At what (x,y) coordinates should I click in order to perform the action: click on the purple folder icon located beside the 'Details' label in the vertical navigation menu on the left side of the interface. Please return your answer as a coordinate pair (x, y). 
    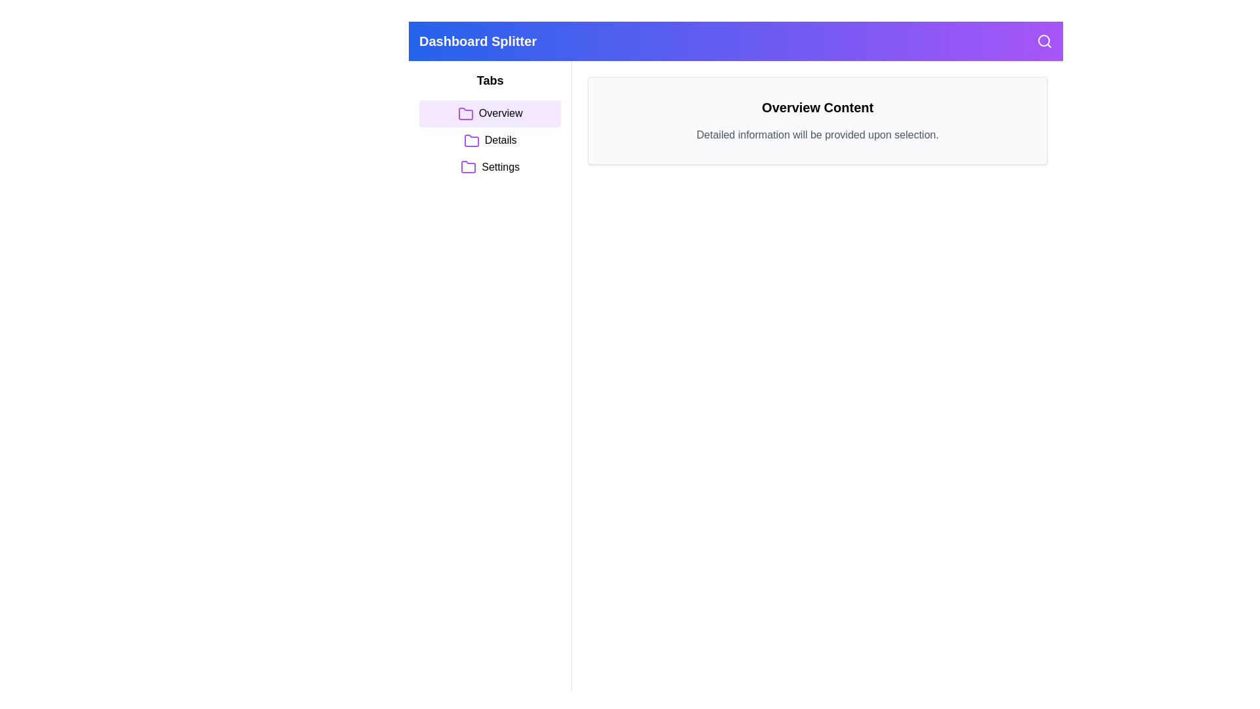
    Looking at the image, I should click on (471, 140).